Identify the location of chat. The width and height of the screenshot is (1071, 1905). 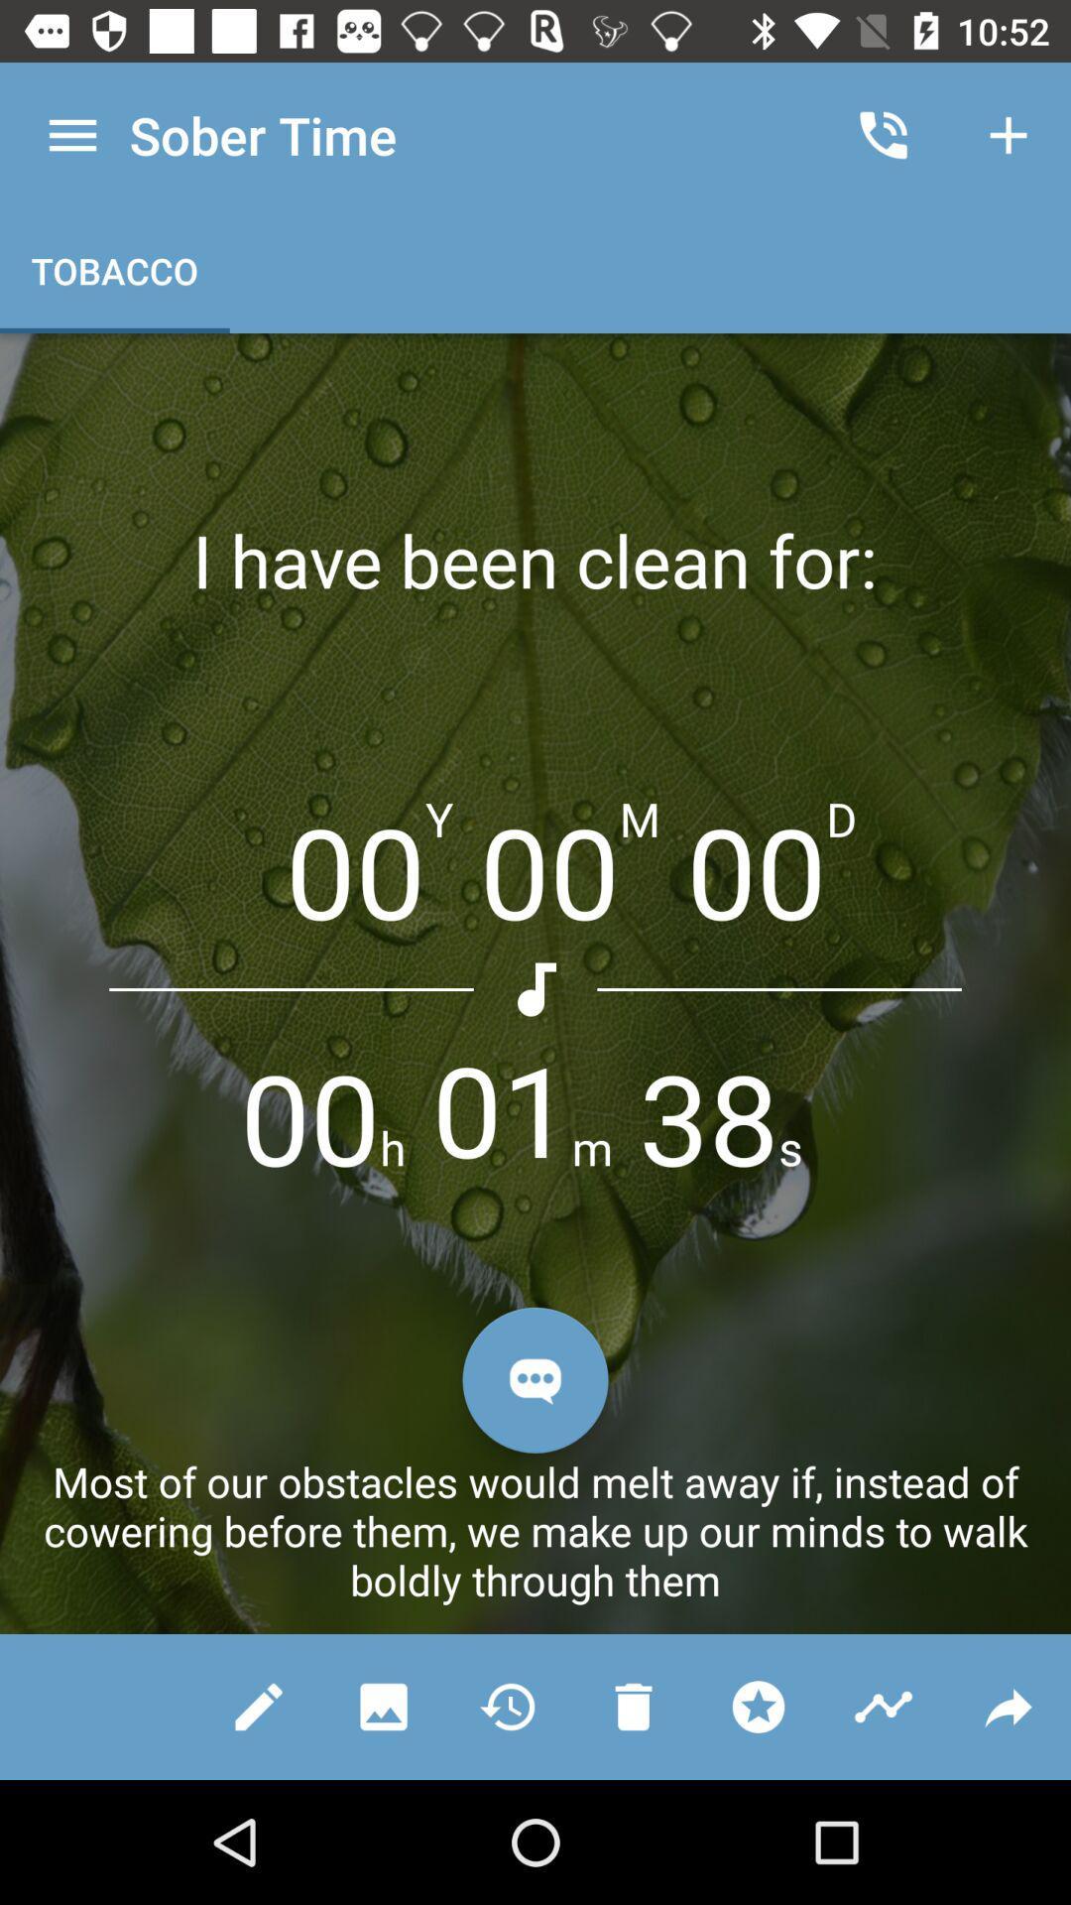
(535, 1379).